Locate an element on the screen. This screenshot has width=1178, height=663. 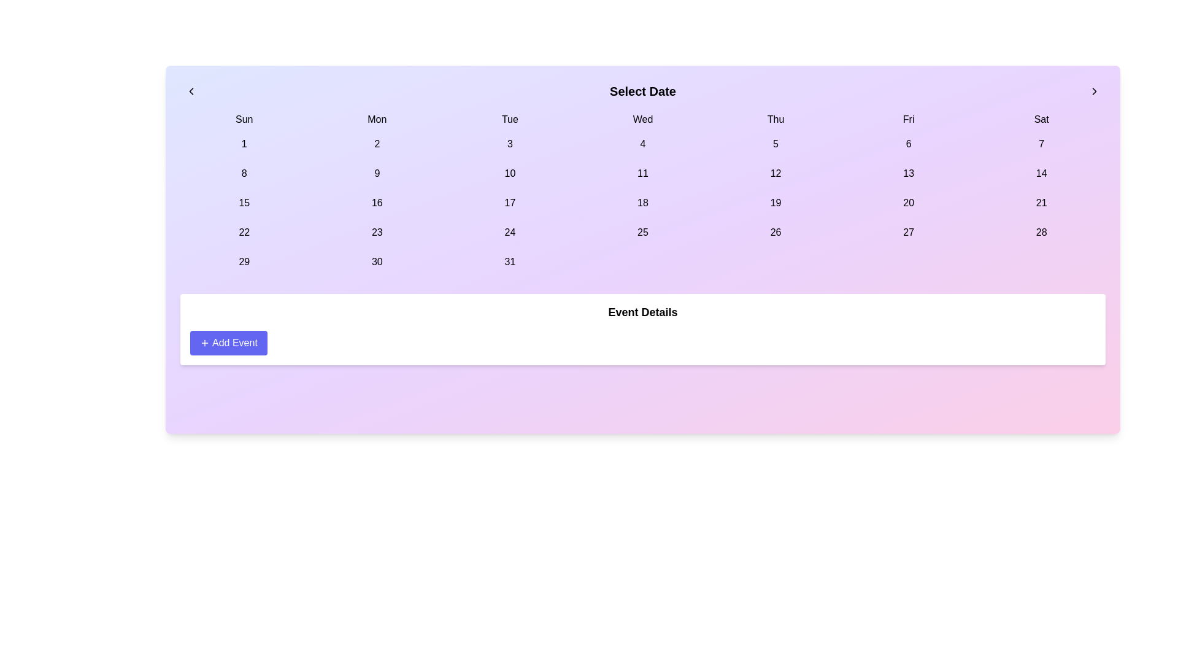
the button displaying the number '17', which is located in the third row of the grid layout in the 'Tue' column is located at coordinates (510, 203).